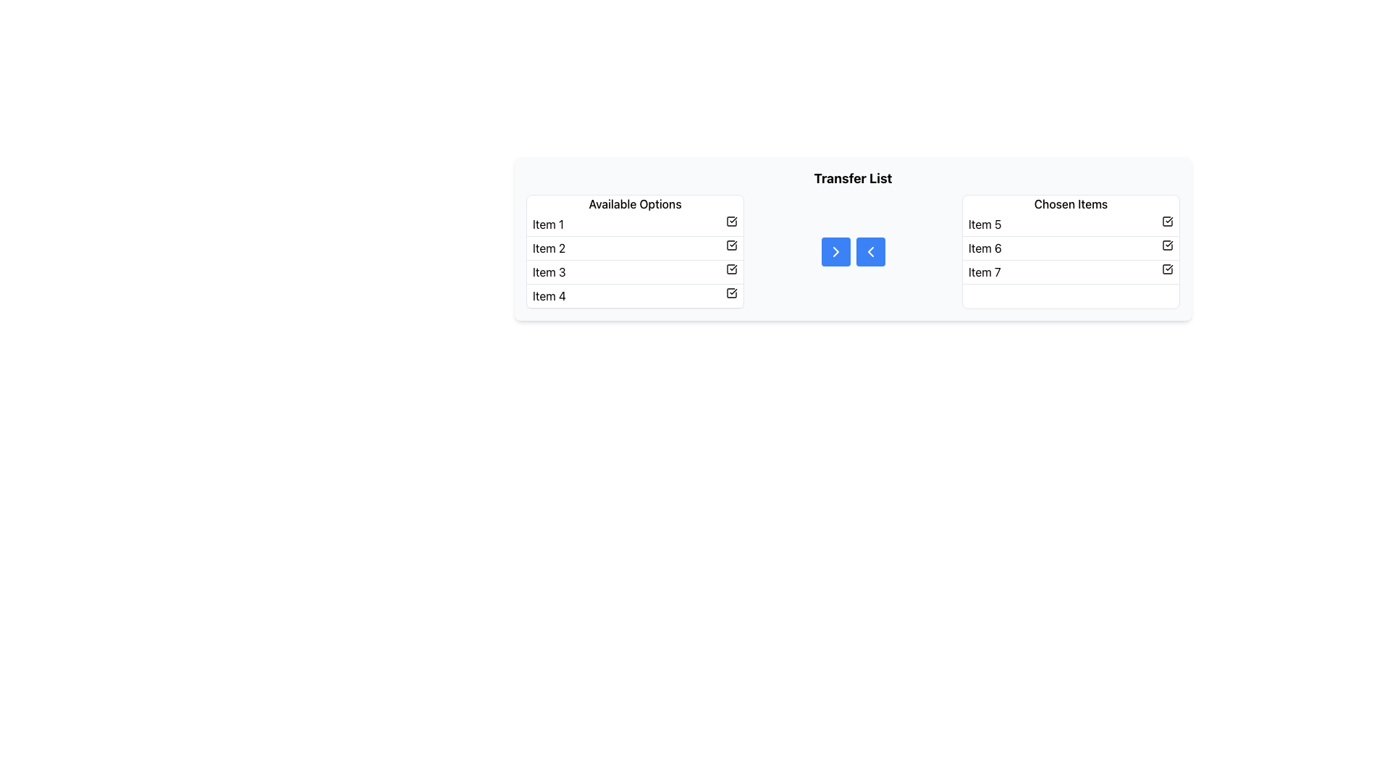 This screenshot has width=1390, height=782. I want to click on the first button in the 'Transfer List' section to observe its hover effect, so click(835, 251).